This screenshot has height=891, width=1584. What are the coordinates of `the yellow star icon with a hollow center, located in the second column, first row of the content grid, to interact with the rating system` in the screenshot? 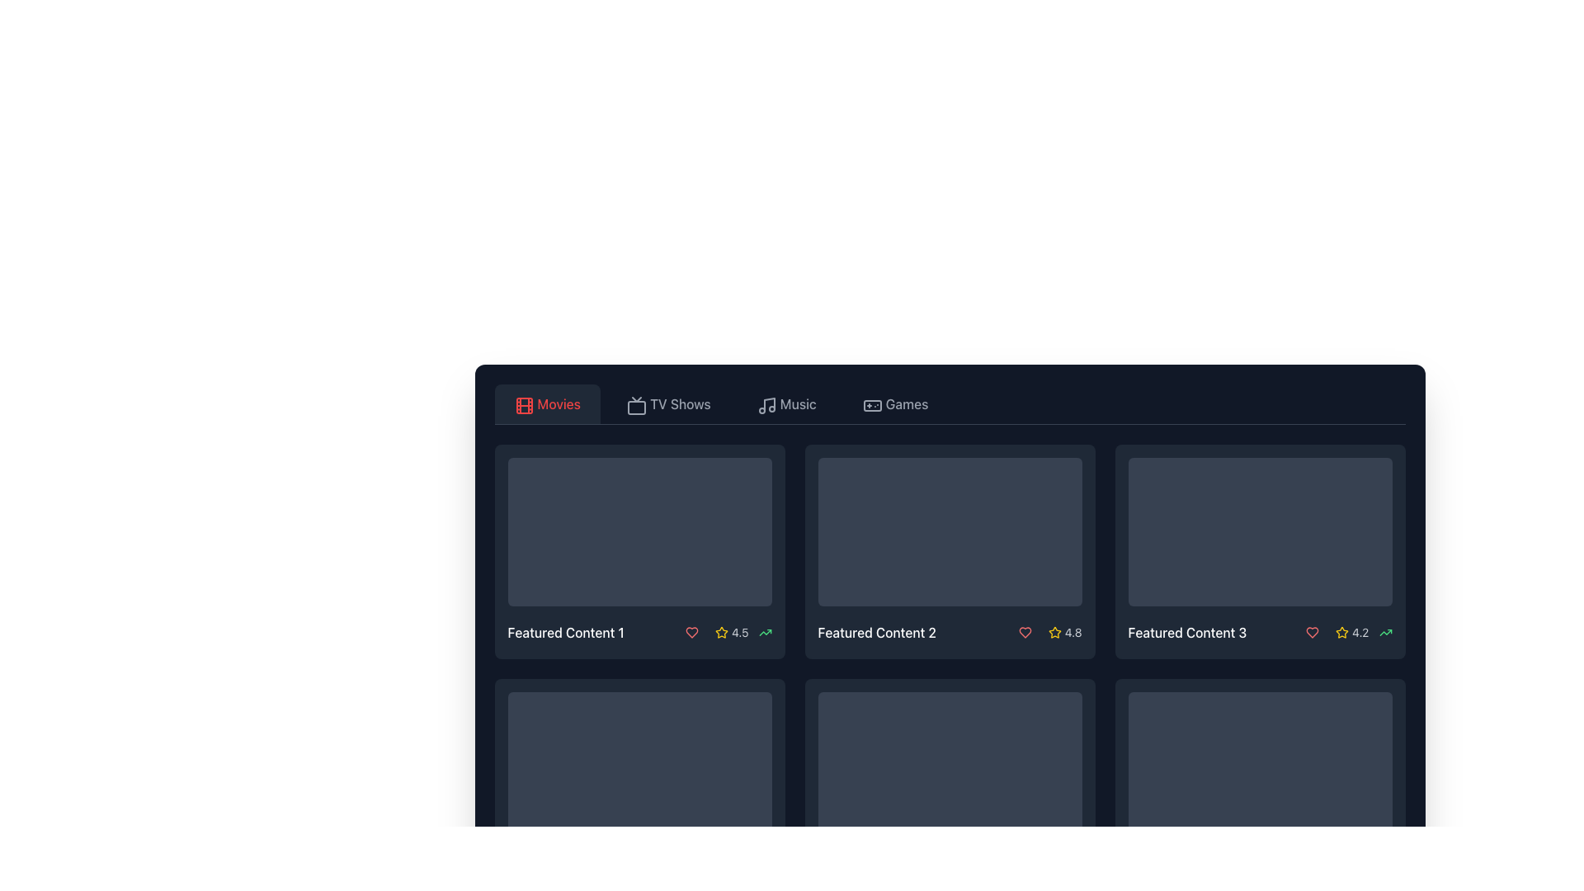 It's located at (722, 631).